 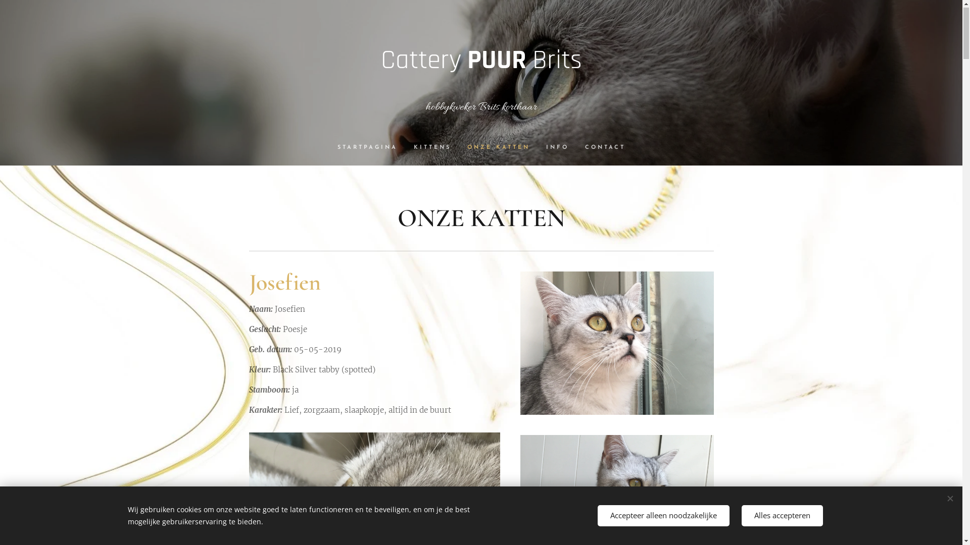 What do you see at coordinates (663, 516) in the screenshot?
I see `'Accepteer alleen noodzakelijke'` at bounding box center [663, 516].